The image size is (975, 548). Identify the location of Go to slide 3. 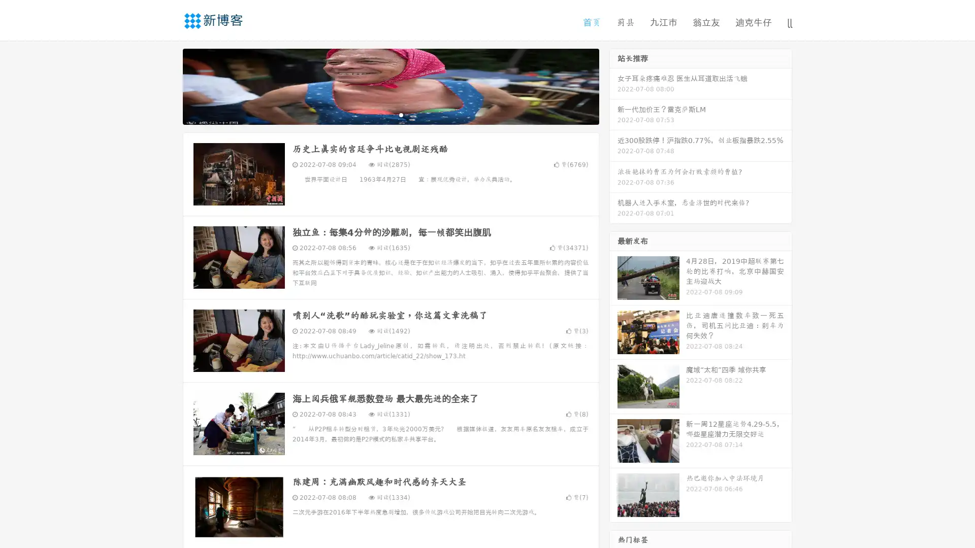
(401, 114).